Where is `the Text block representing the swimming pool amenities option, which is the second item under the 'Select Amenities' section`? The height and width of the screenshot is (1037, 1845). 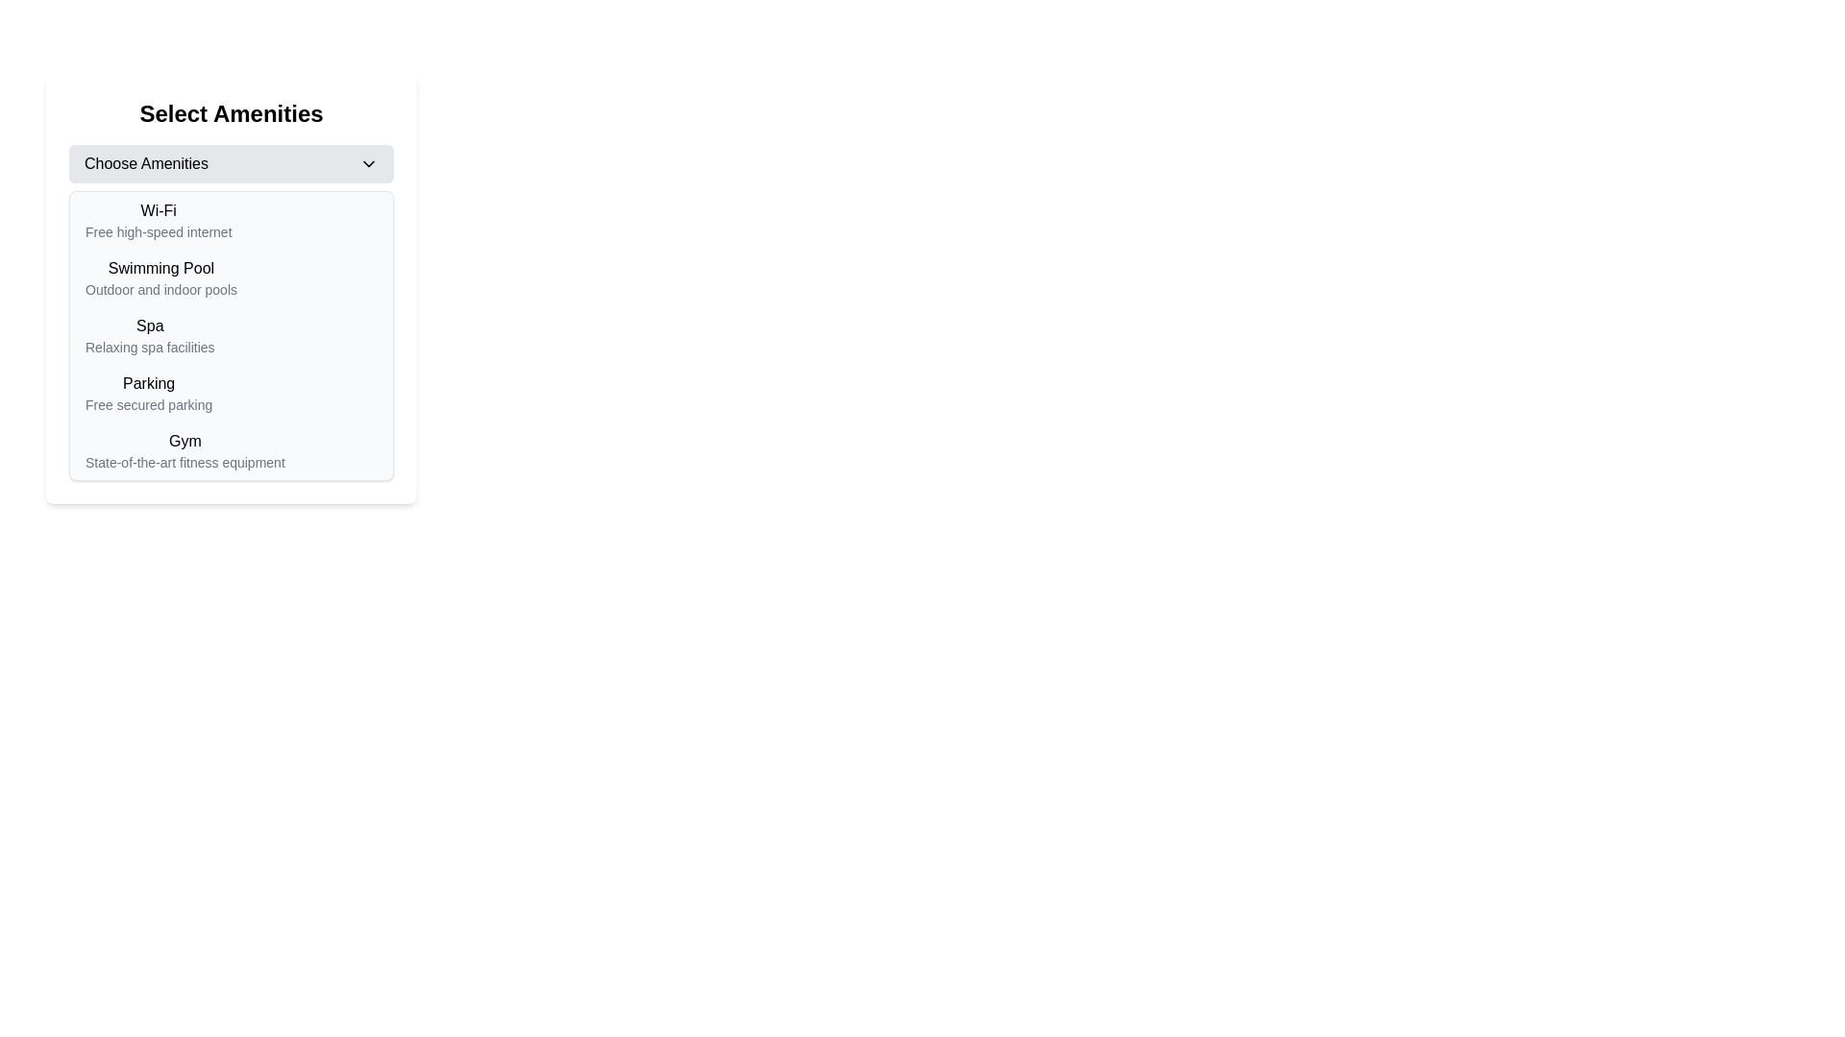 the Text block representing the swimming pool amenities option, which is the second item under the 'Select Amenities' section is located at coordinates (161, 277).